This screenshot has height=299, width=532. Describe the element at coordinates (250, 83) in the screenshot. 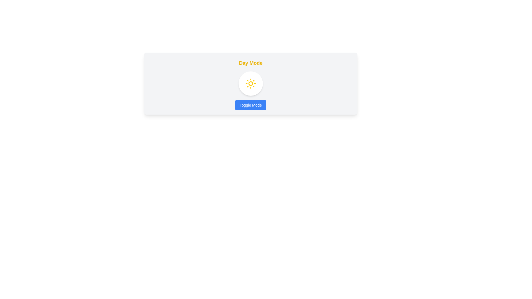

I see `the center circle of the sun icon representing the 'Day Mode' theme in the upper visual panel of the interface` at that location.